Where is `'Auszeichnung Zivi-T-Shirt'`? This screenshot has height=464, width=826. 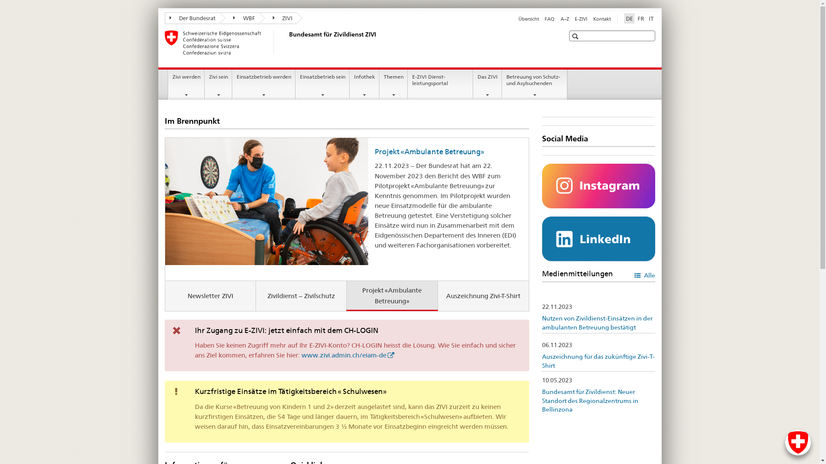 'Auszeichnung Zivi-T-Shirt' is located at coordinates (483, 295).